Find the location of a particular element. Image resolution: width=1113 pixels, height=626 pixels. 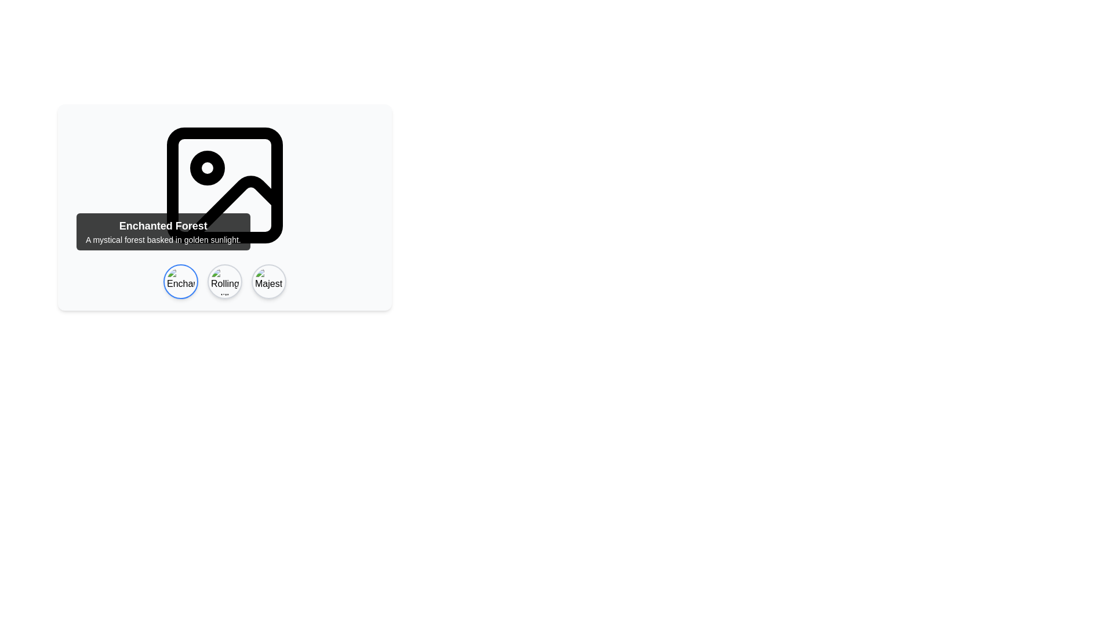

the first interactive circular button with an embedded image, which is centrally located below a larger image and labeled for selecting a landscape option, to observe the scaling effect is located at coordinates (180, 282).